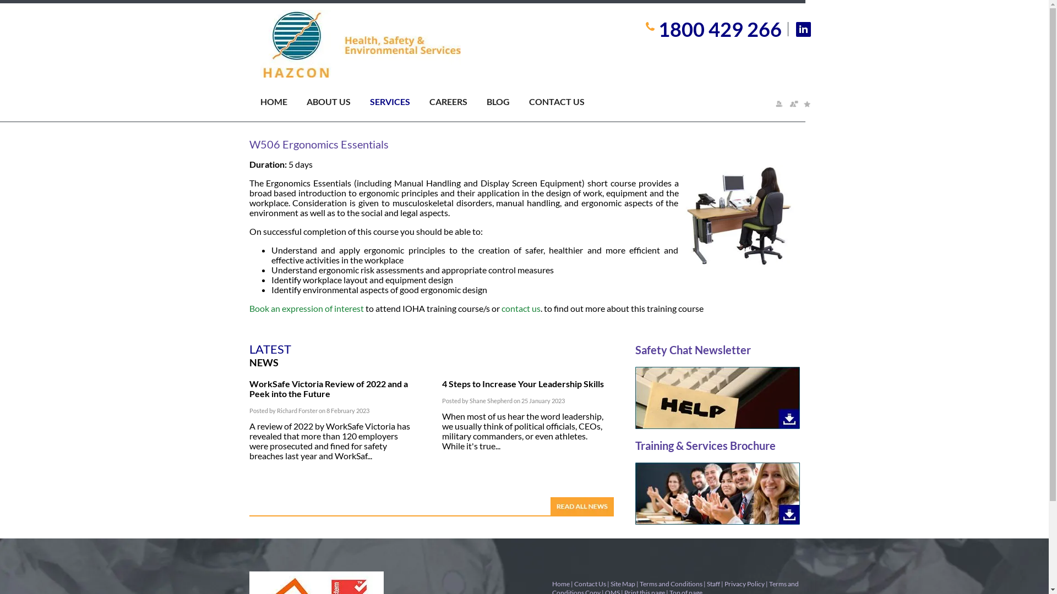 The image size is (1057, 594). Describe the element at coordinates (248, 308) in the screenshot. I see `'Book an expression of interest'` at that location.